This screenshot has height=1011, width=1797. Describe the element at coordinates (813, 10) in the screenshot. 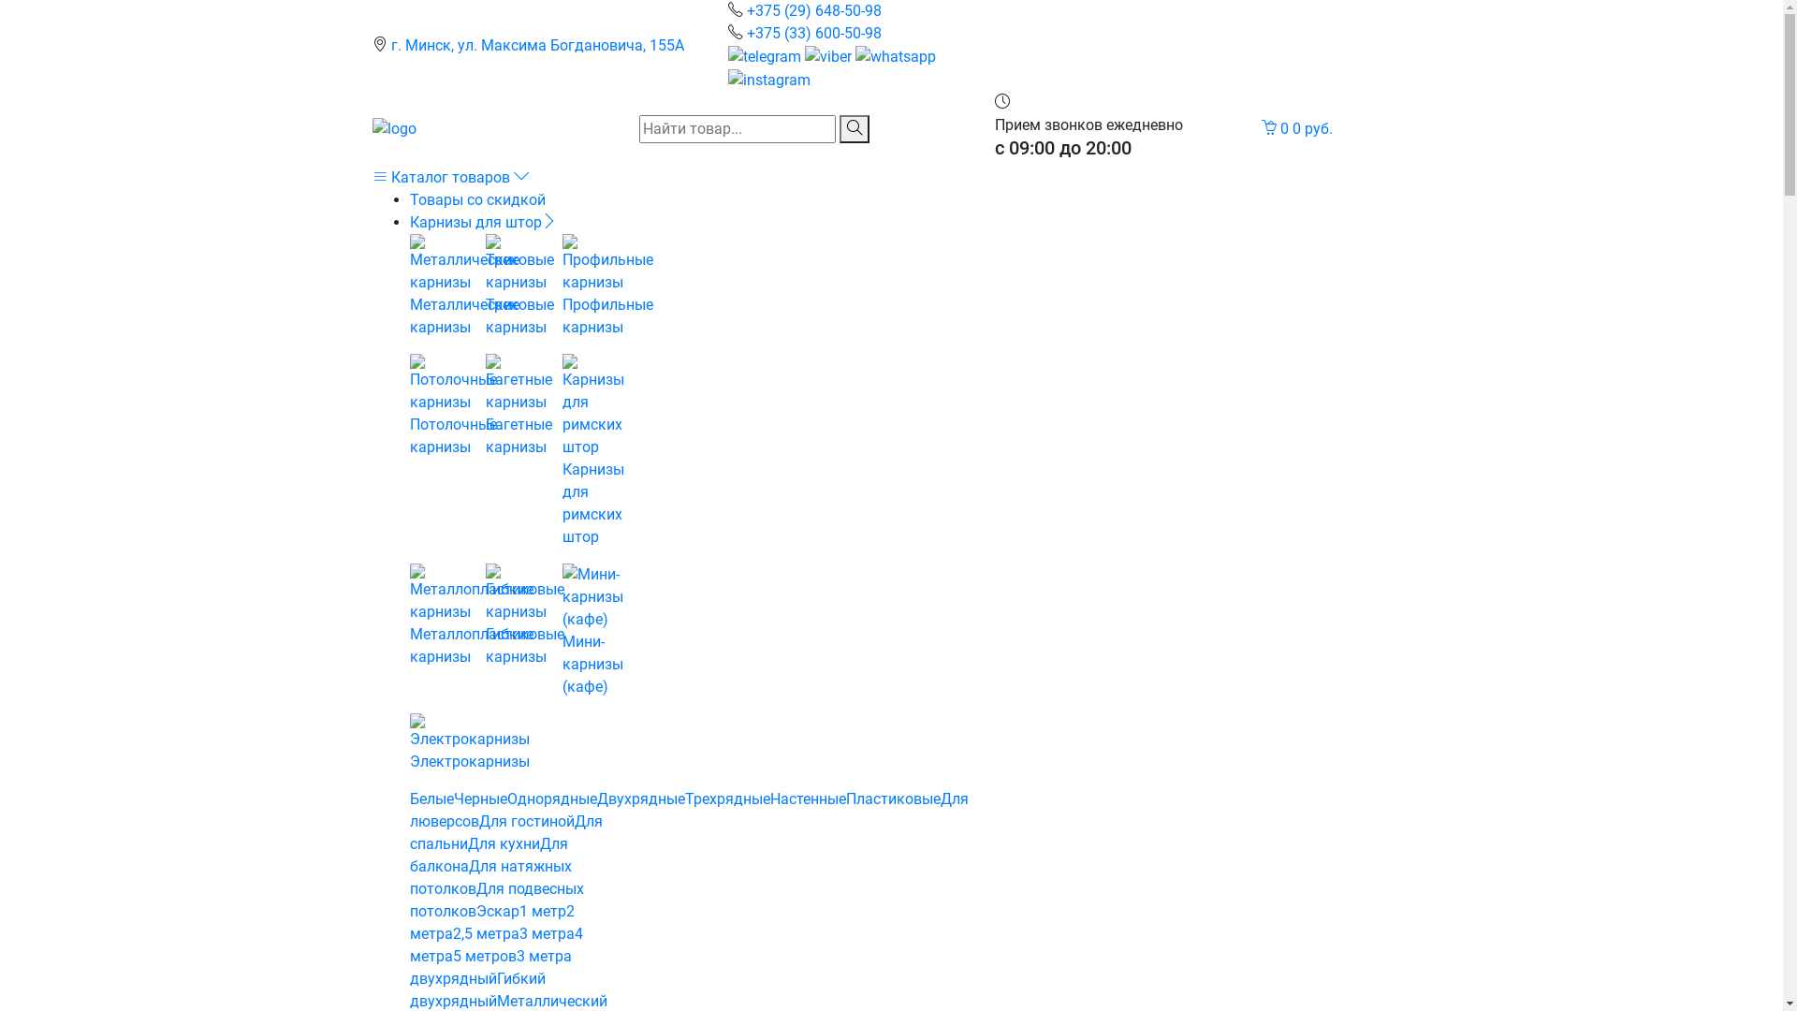

I see `'+375 (29) 648-50-98'` at that location.